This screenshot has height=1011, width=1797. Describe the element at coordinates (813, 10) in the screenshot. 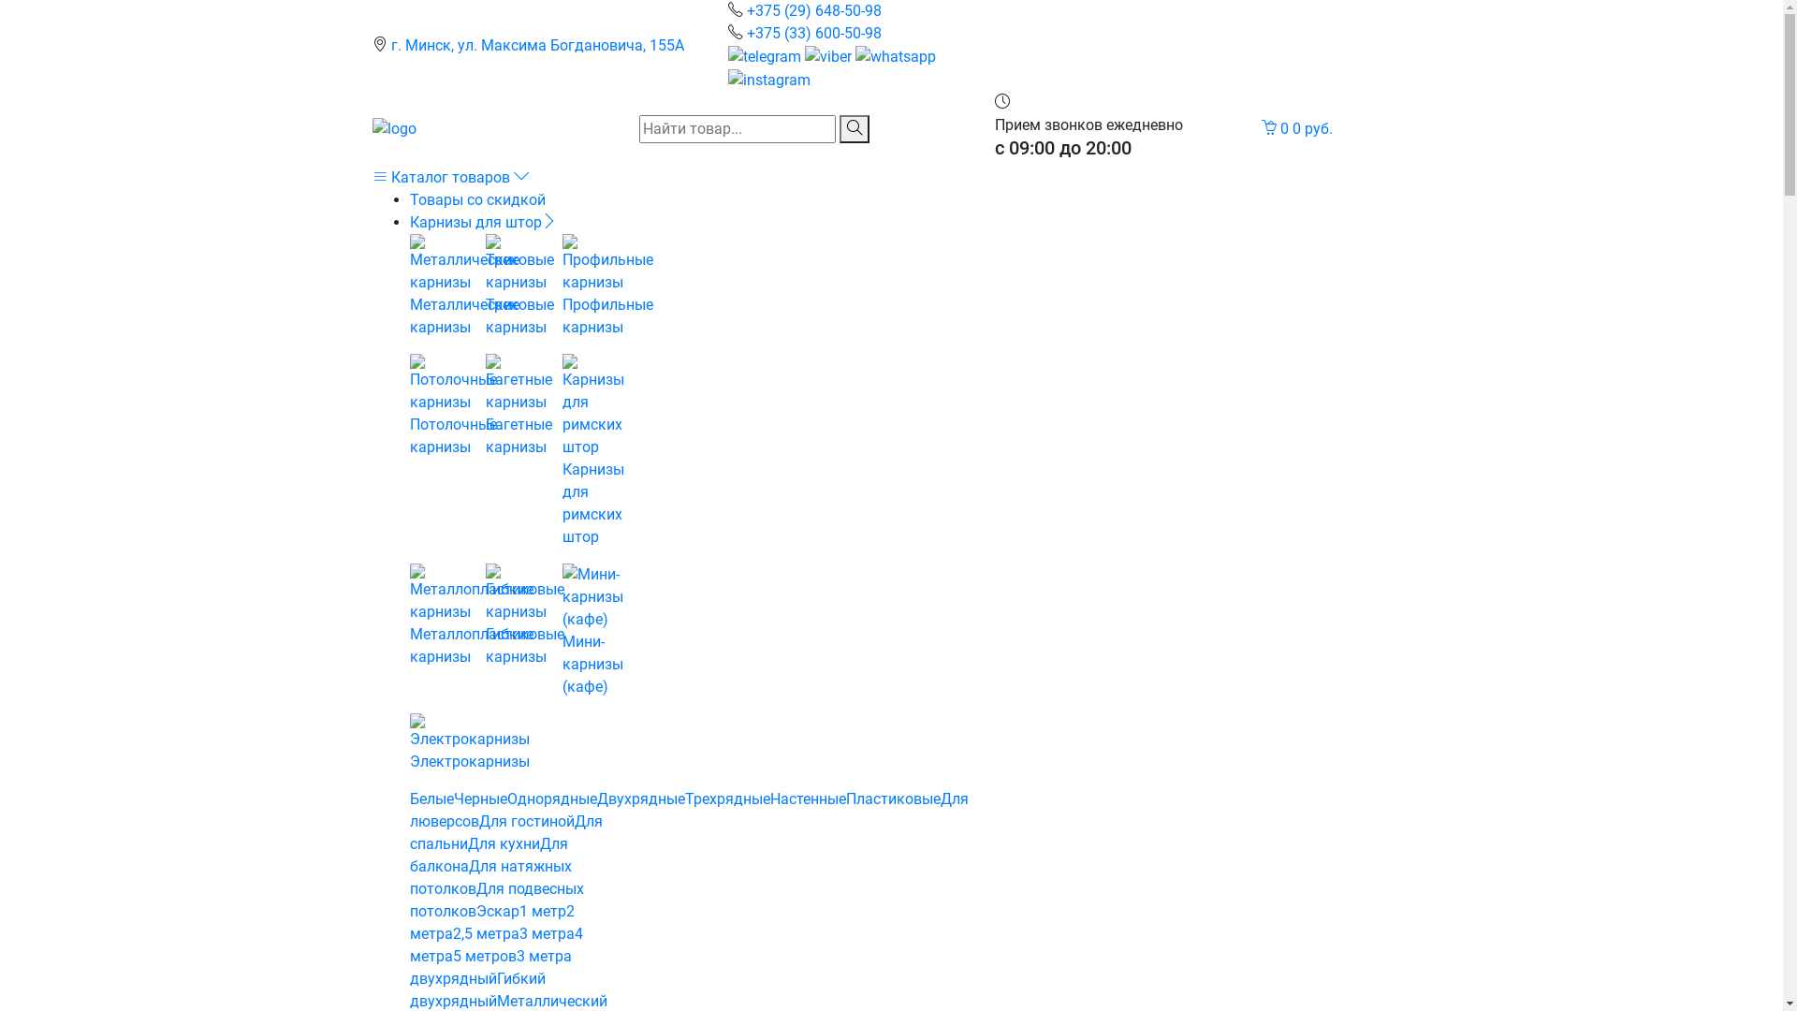

I see `'+375 (29) 648-50-98'` at that location.